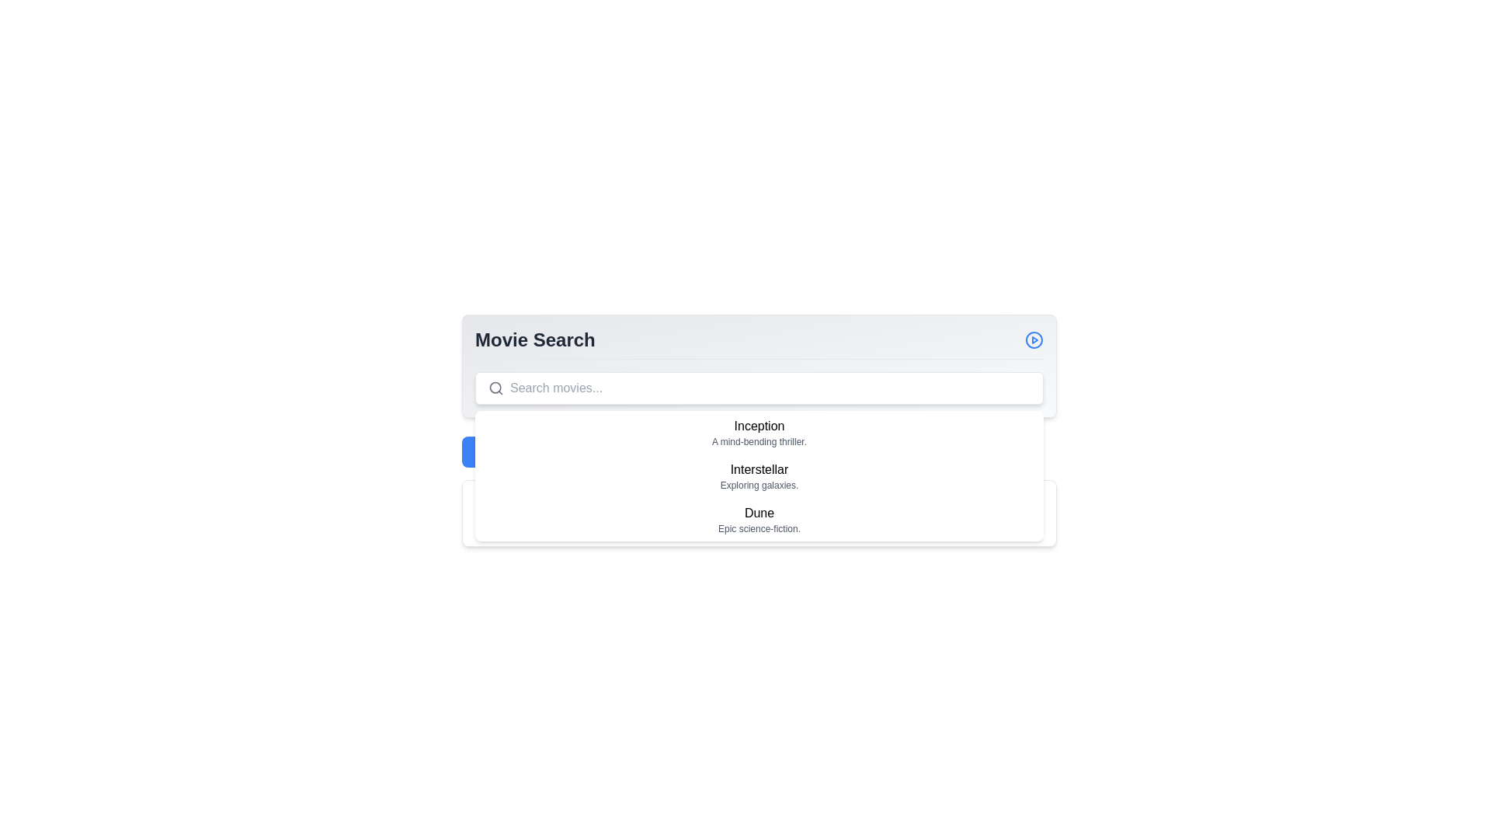 Image resolution: width=1491 pixels, height=839 pixels. What do you see at coordinates (759, 484) in the screenshot?
I see `text label 'Exploring galaxies.' located below the title 'Interstellar' in the dropdown list` at bounding box center [759, 484].